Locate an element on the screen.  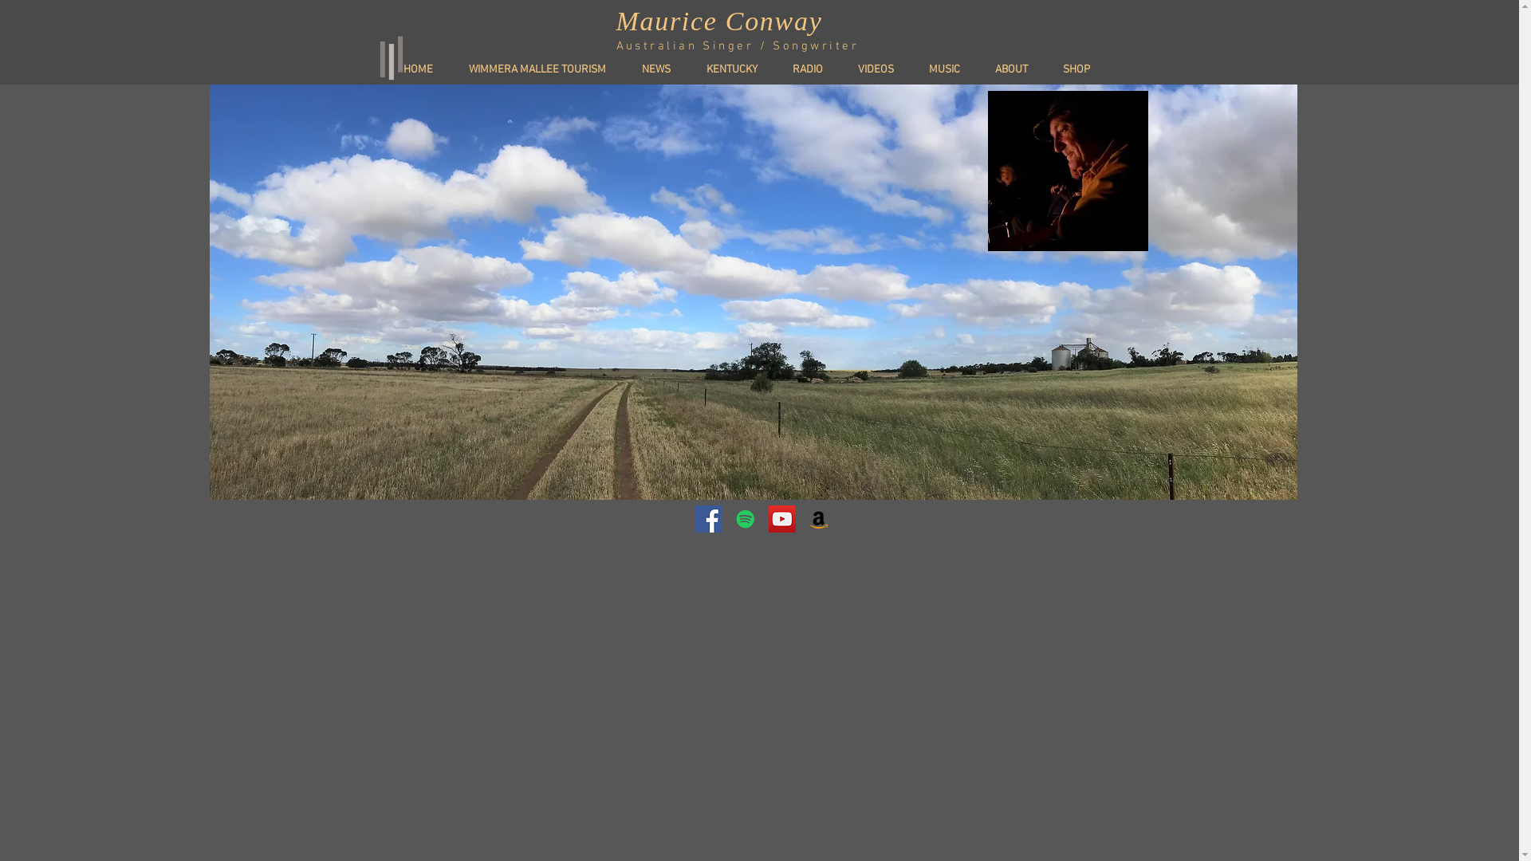
'VIDEOS' is located at coordinates (881, 69).